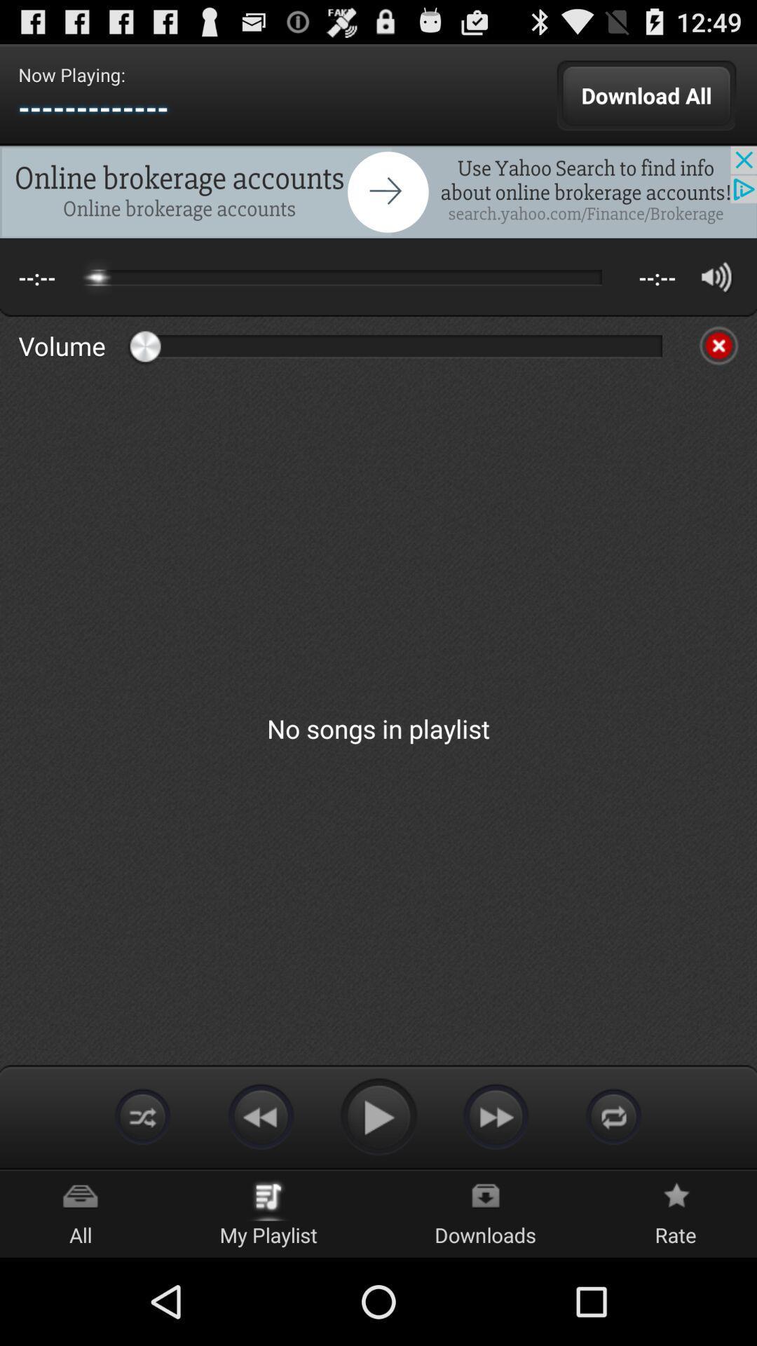  I want to click on the play icon, so click(378, 1194).